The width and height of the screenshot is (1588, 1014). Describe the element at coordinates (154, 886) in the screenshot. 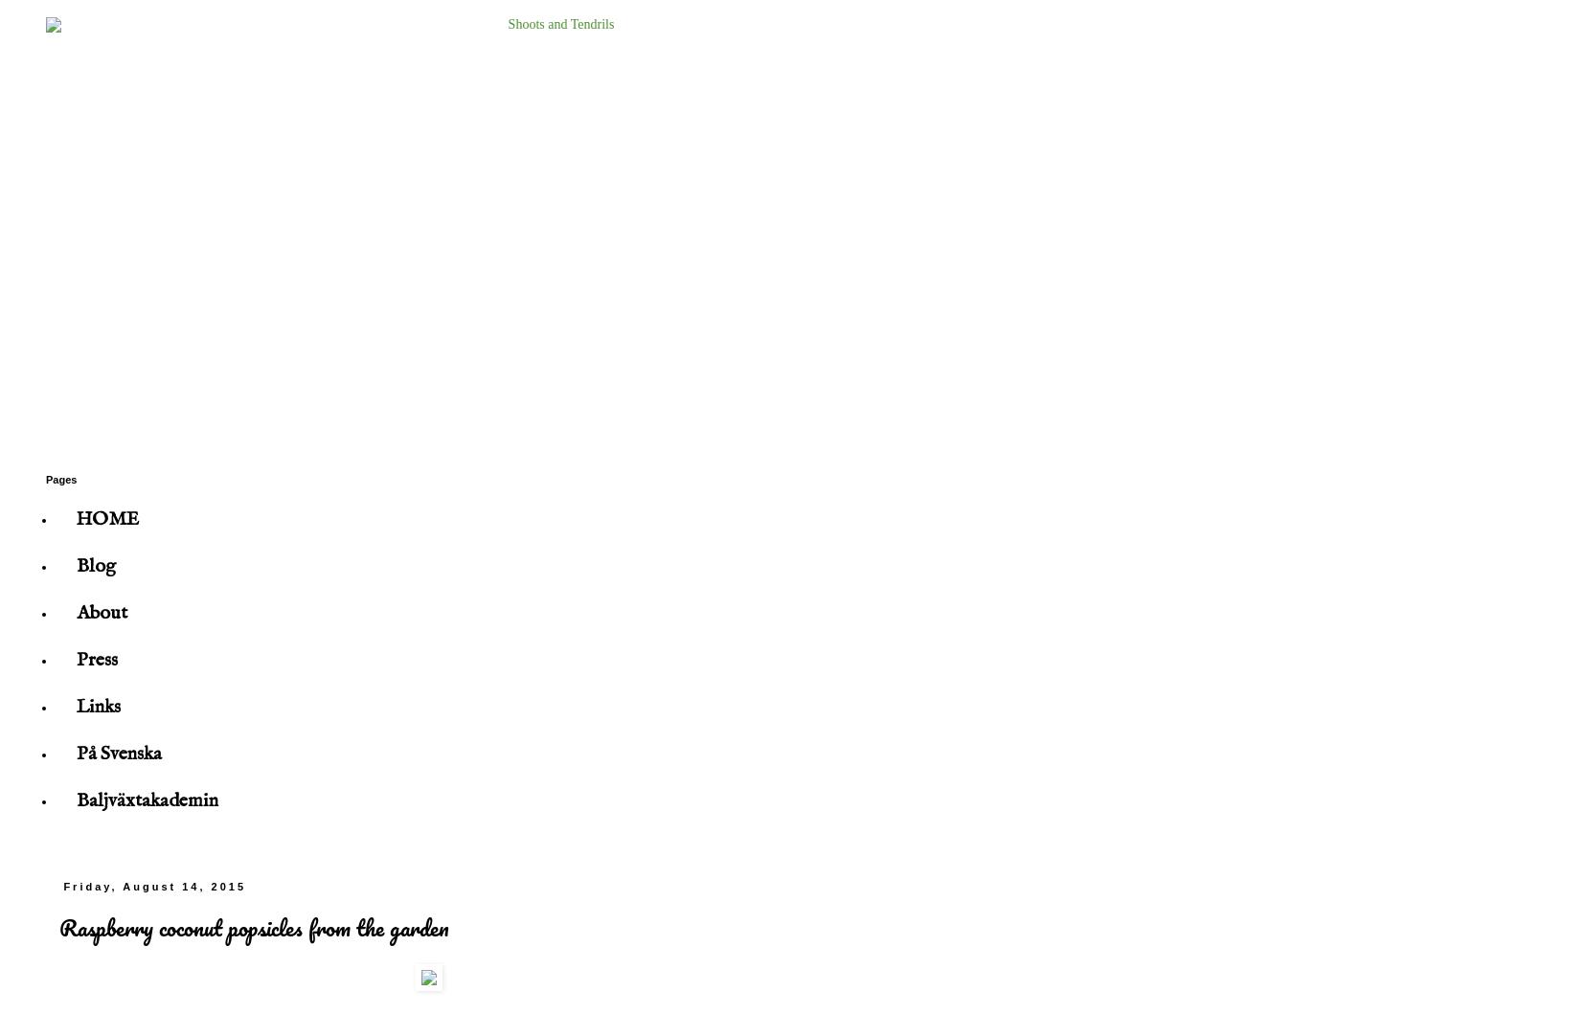

I see `'Friday, August 14, 2015'` at that location.